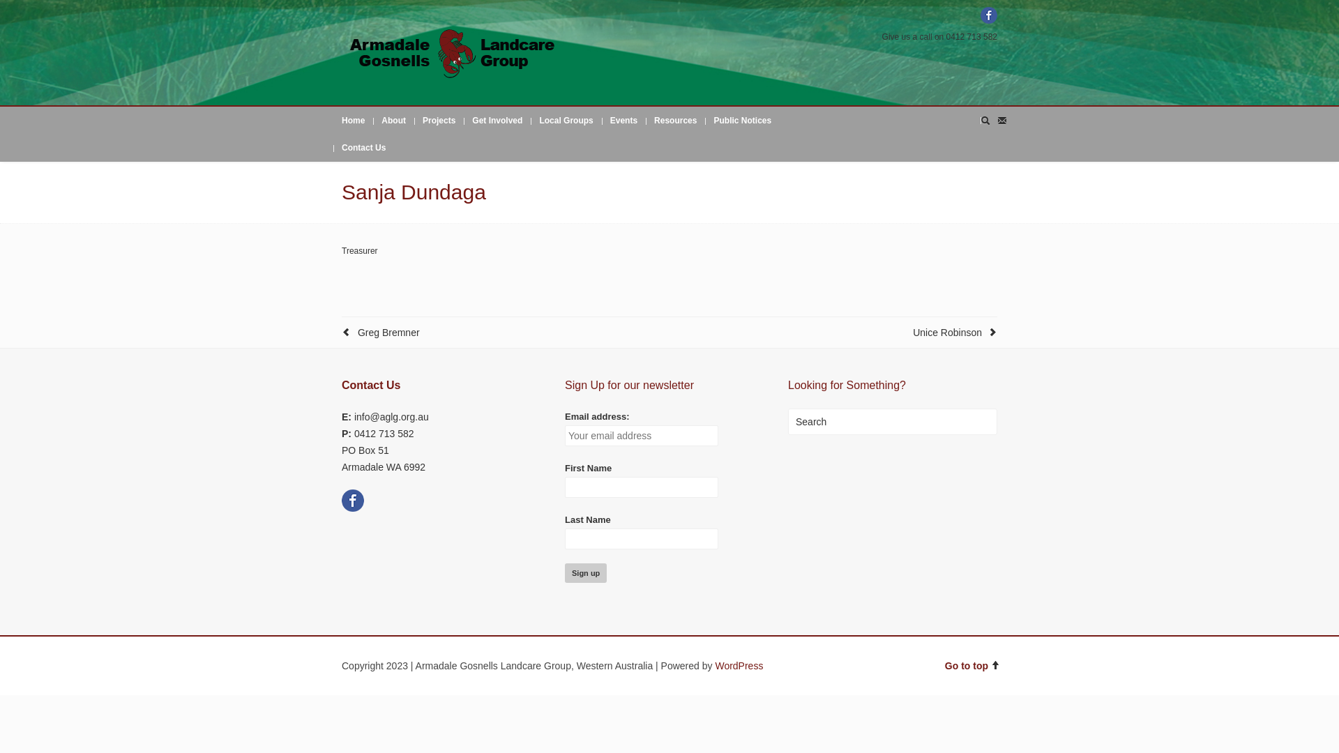 This screenshot has width=1339, height=753. Describe the element at coordinates (675, 120) in the screenshot. I see `'Resources'` at that location.